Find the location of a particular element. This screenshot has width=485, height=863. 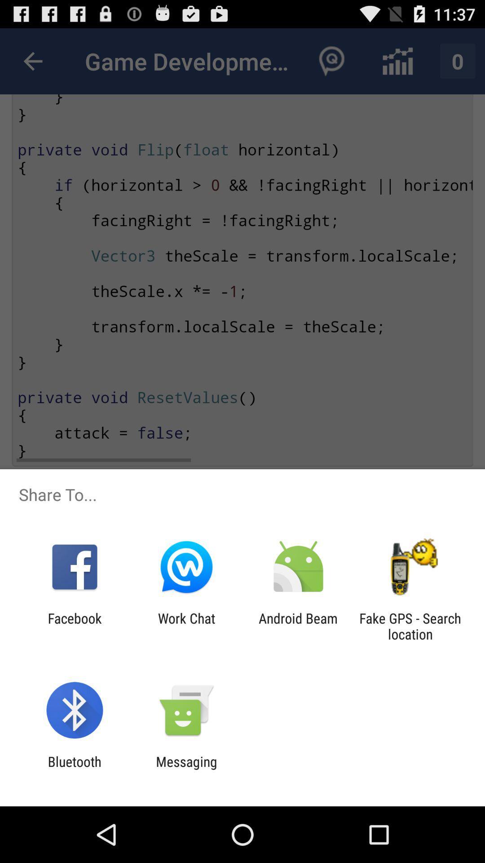

bluetooth icon is located at coordinates (74, 769).